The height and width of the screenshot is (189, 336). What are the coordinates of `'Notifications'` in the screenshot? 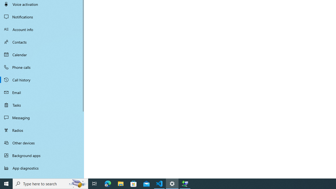 It's located at (42, 17).